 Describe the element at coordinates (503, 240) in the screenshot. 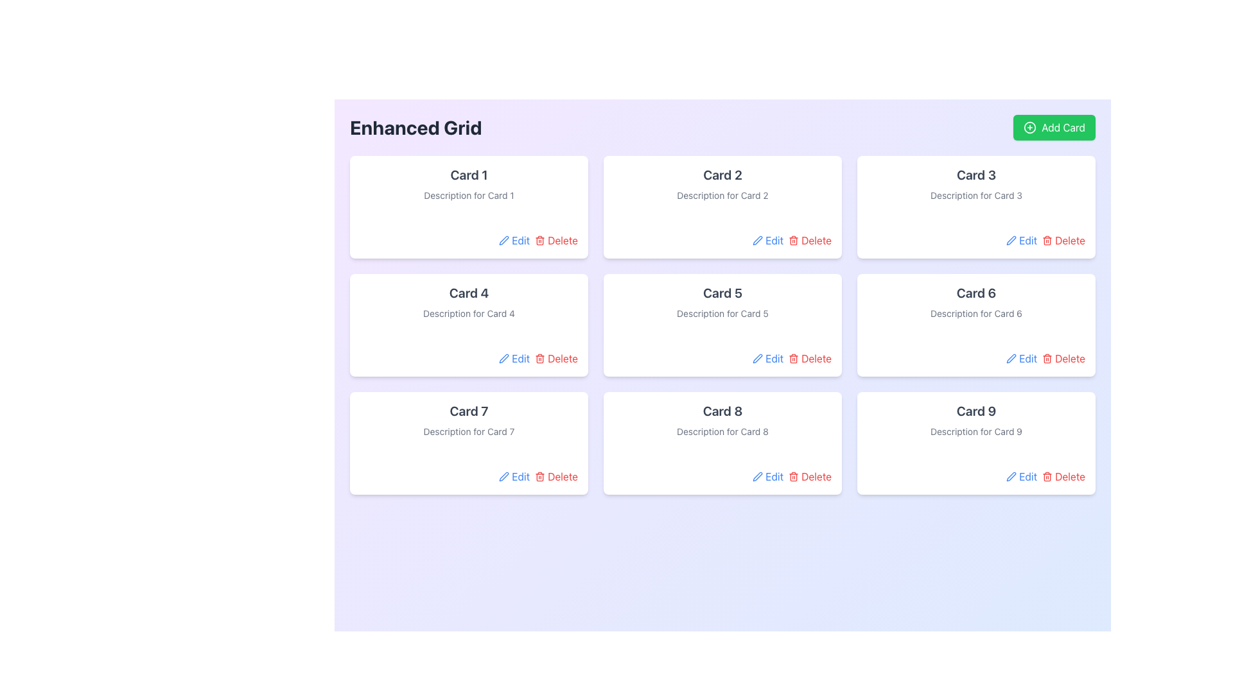

I see `the edit icon located to the left of the 'Delete' text button in the top row of the 'Card 2'` at that location.